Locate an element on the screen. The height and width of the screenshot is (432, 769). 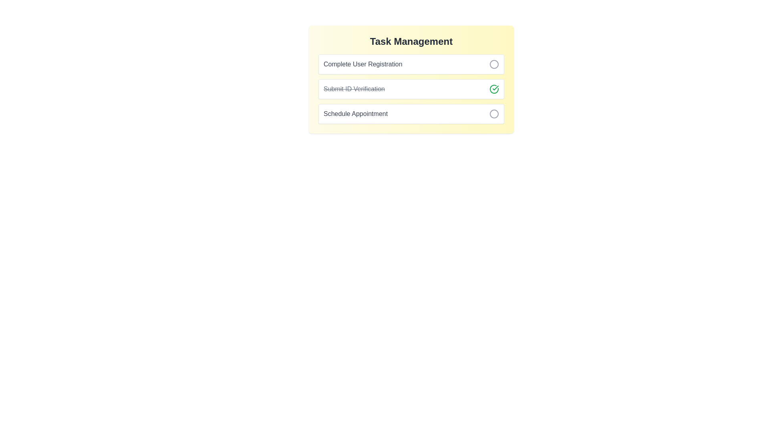
the third selectable list item with a radio button labeled 'Schedule Appointment' is located at coordinates (411, 114).